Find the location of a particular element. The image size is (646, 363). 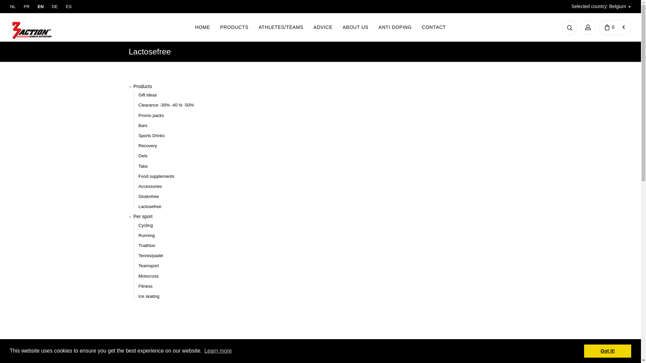

'HOME' is located at coordinates (202, 27).